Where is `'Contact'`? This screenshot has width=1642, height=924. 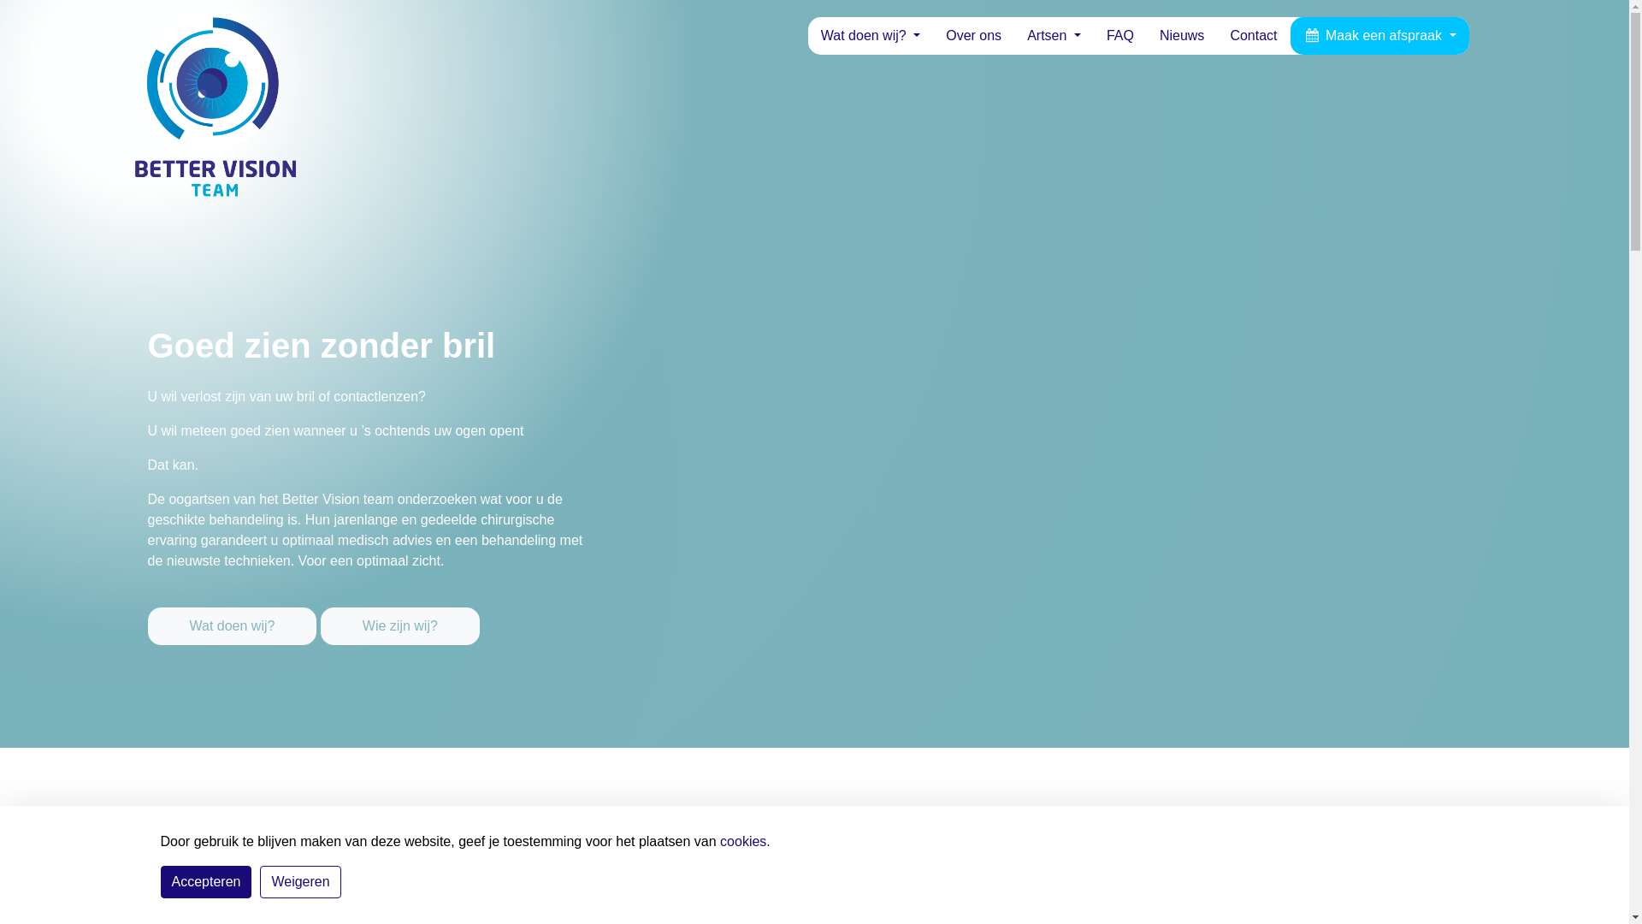
'Contact' is located at coordinates (1253, 36).